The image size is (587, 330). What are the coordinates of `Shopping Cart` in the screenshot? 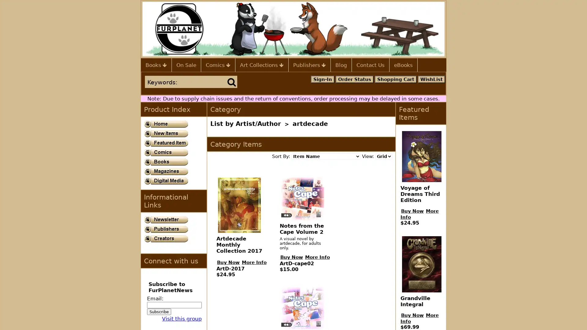 It's located at (396, 79).